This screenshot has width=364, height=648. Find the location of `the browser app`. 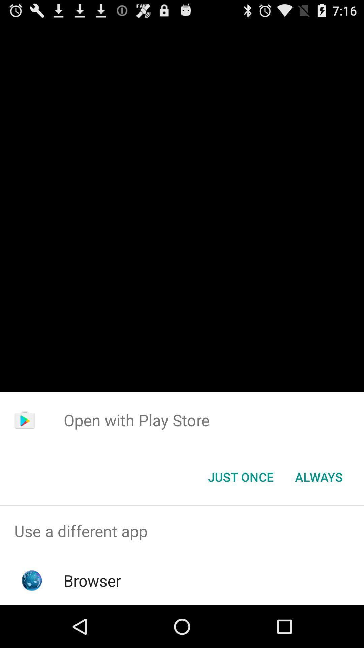

the browser app is located at coordinates (92, 580).